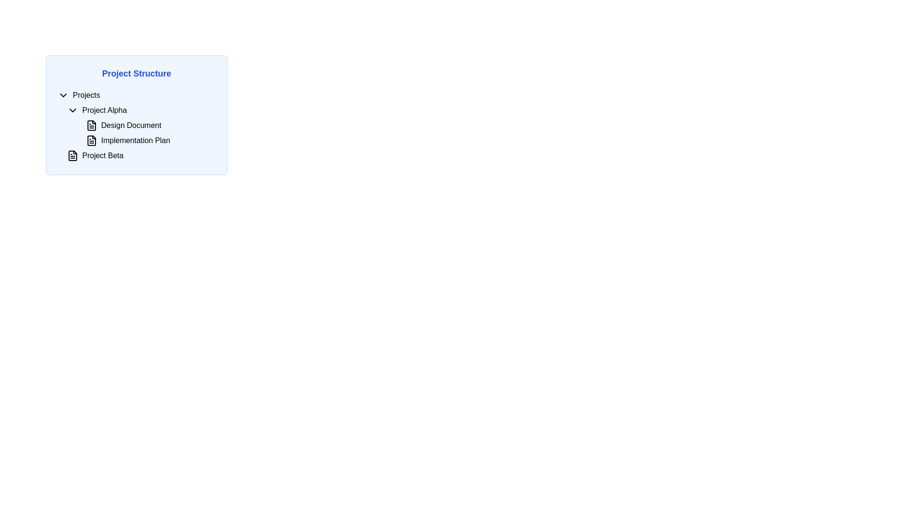  What do you see at coordinates (140, 125) in the screenshot?
I see `the 'Design Document' label located under the 'Project Alpha' section` at bounding box center [140, 125].